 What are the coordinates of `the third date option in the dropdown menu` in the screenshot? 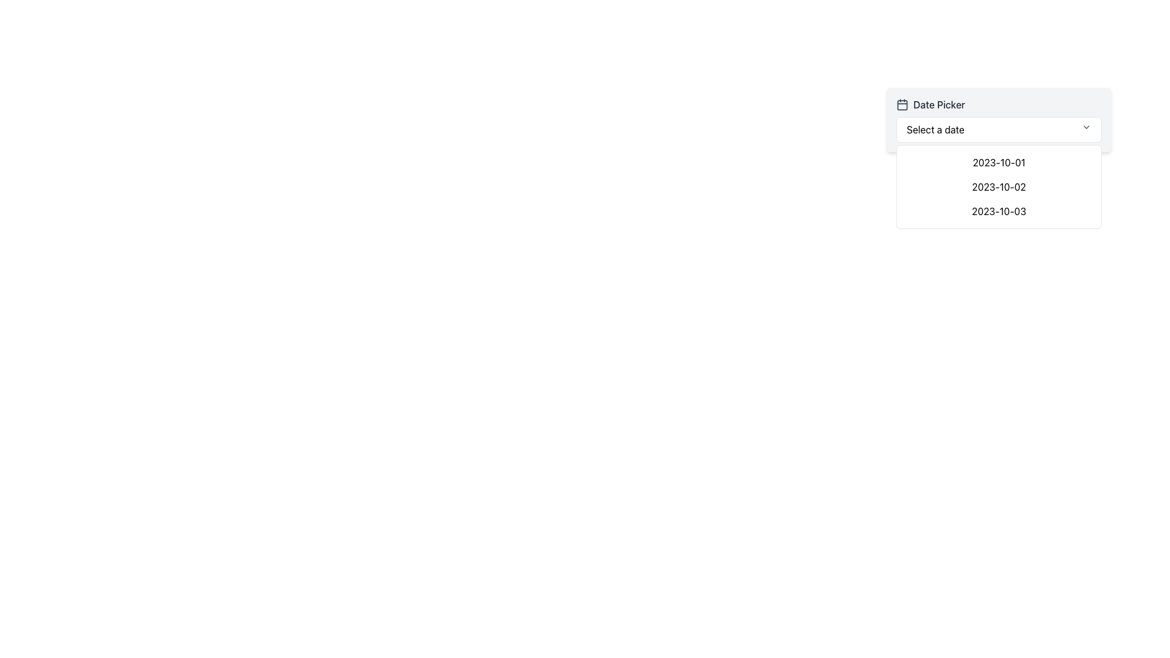 It's located at (999, 211).